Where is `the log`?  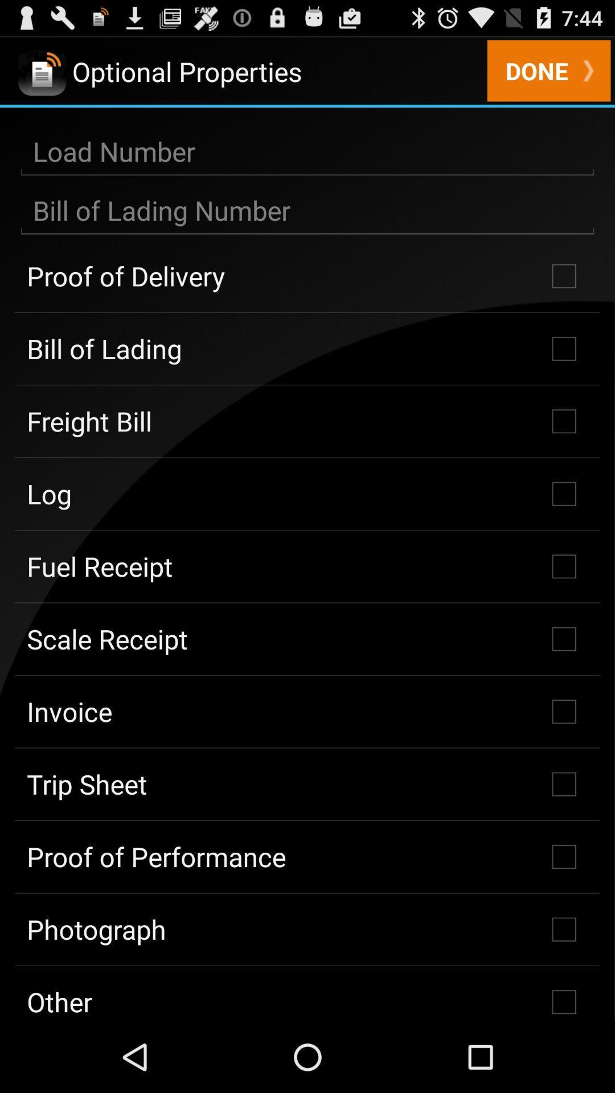 the log is located at coordinates (307, 494).